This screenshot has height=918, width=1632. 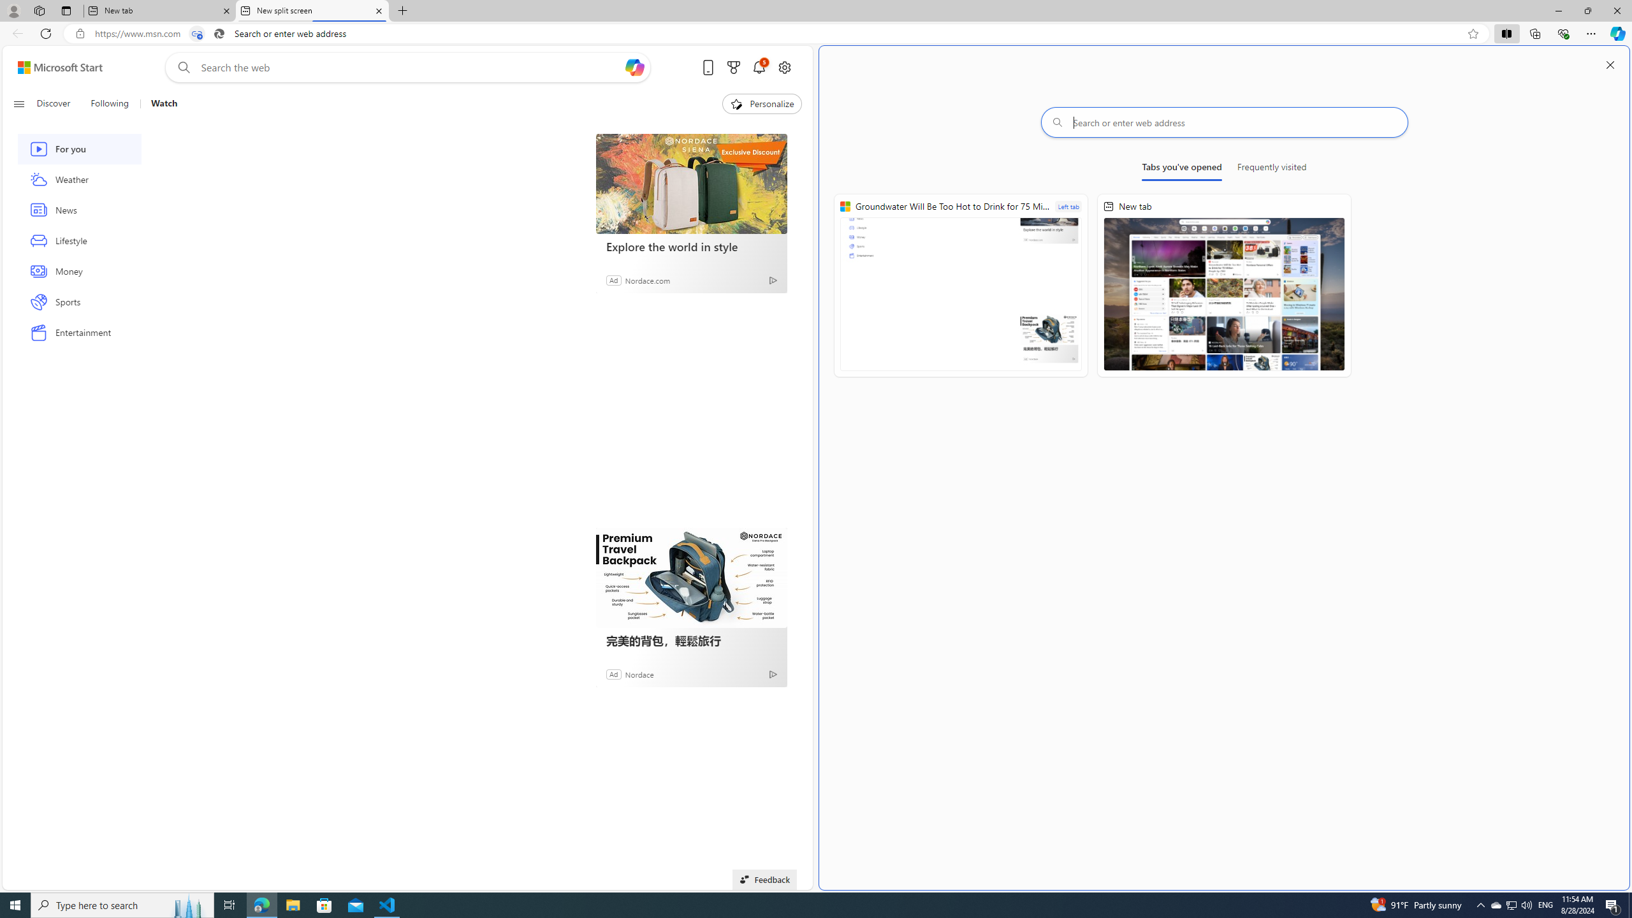 I want to click on 'Enter your search term', so click(x=411, y=66).